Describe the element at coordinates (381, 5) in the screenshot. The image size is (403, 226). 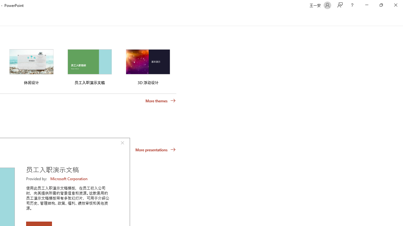
I see `'Restore Down'` at that location.